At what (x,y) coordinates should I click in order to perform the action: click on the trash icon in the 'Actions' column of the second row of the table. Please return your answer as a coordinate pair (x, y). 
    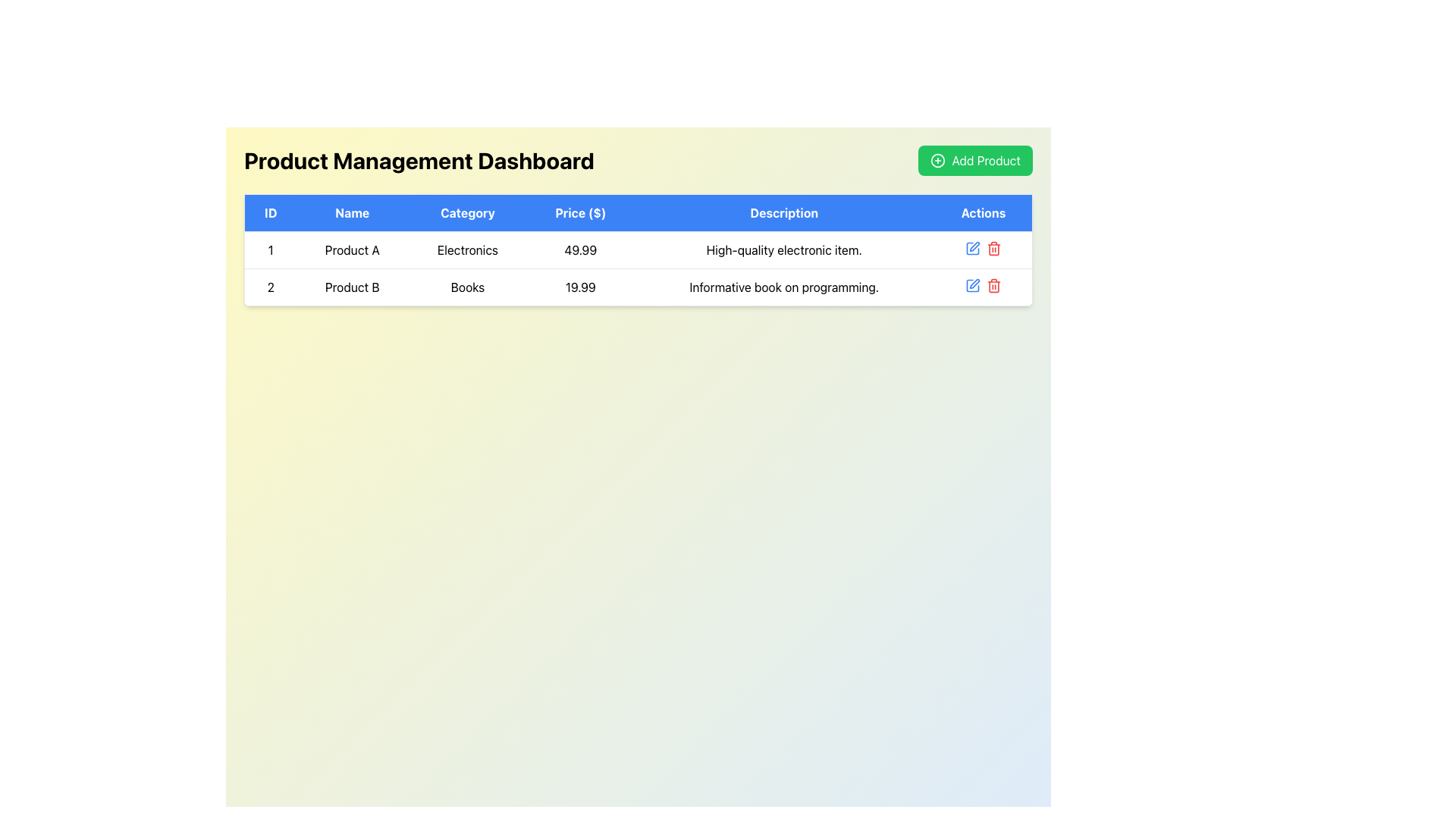
    Looking at the image, I should click on (993, 287).